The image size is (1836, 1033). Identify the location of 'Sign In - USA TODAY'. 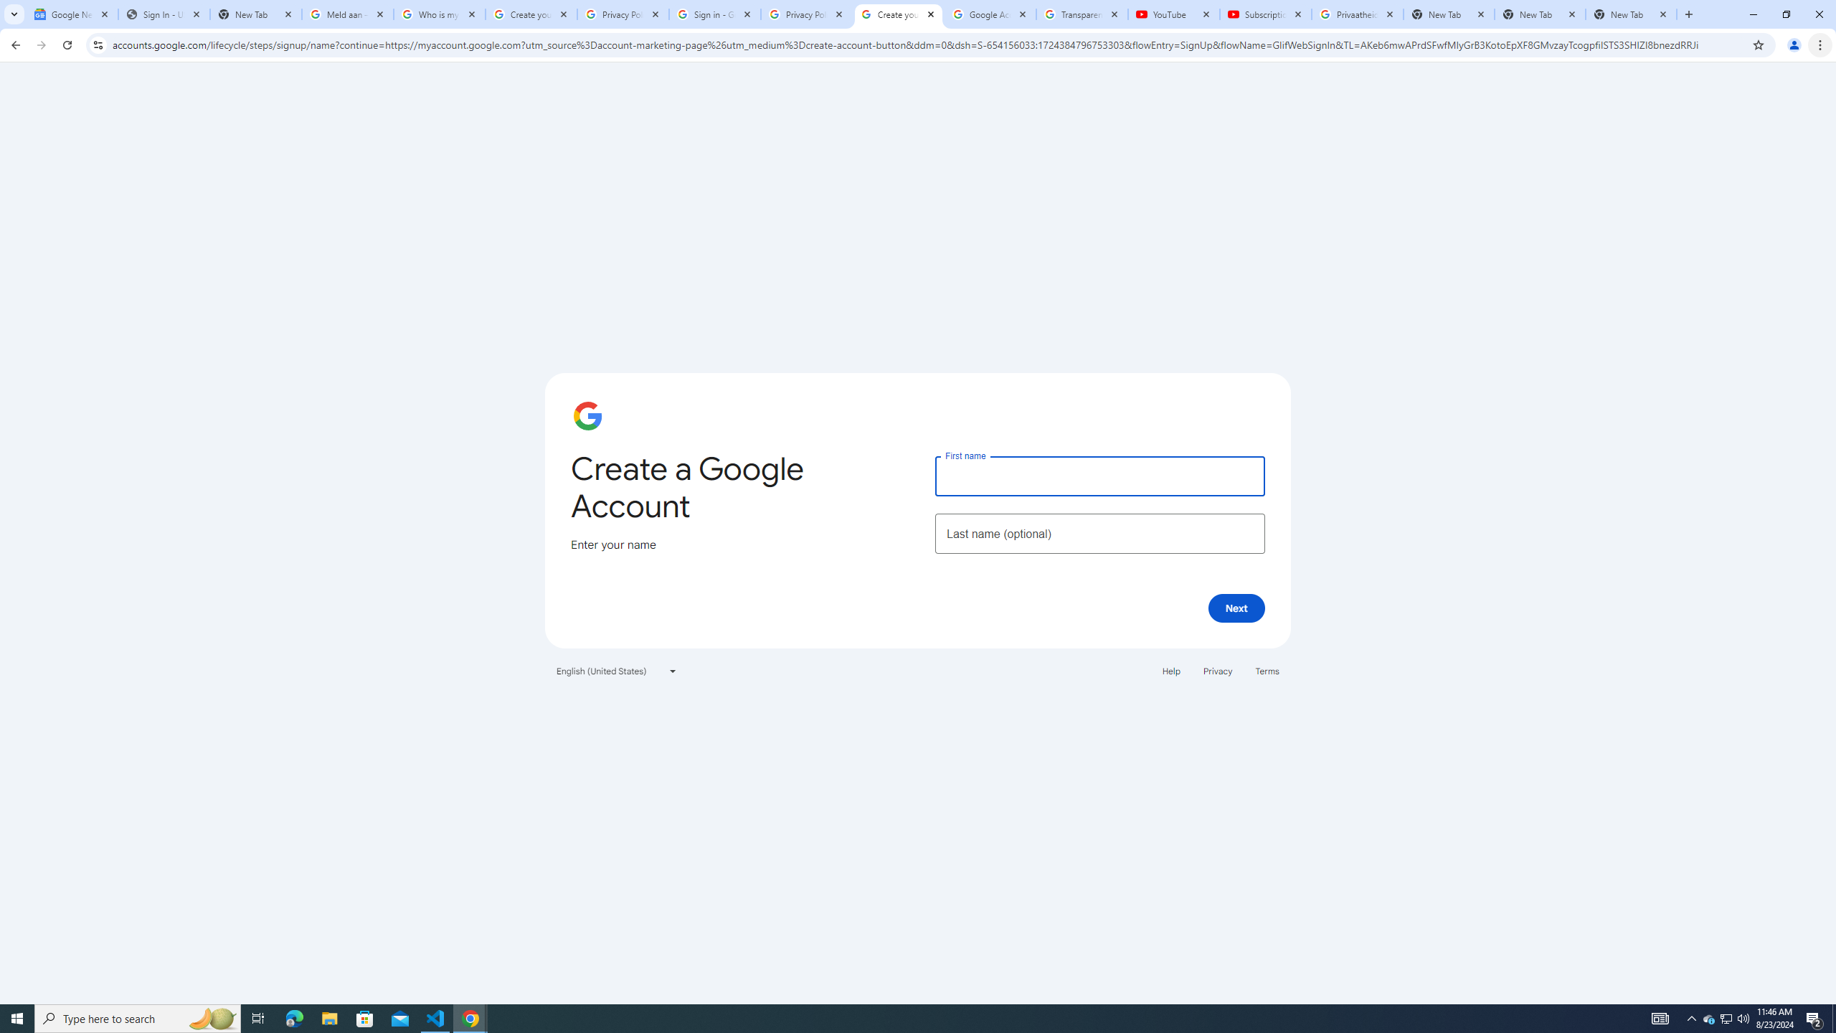
(164, 14).